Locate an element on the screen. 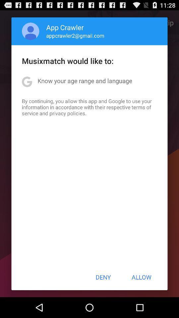 The height and width of the screenshot is (318, 179). appcrawler2@gmail.com item is located at coordinates (75, 35).